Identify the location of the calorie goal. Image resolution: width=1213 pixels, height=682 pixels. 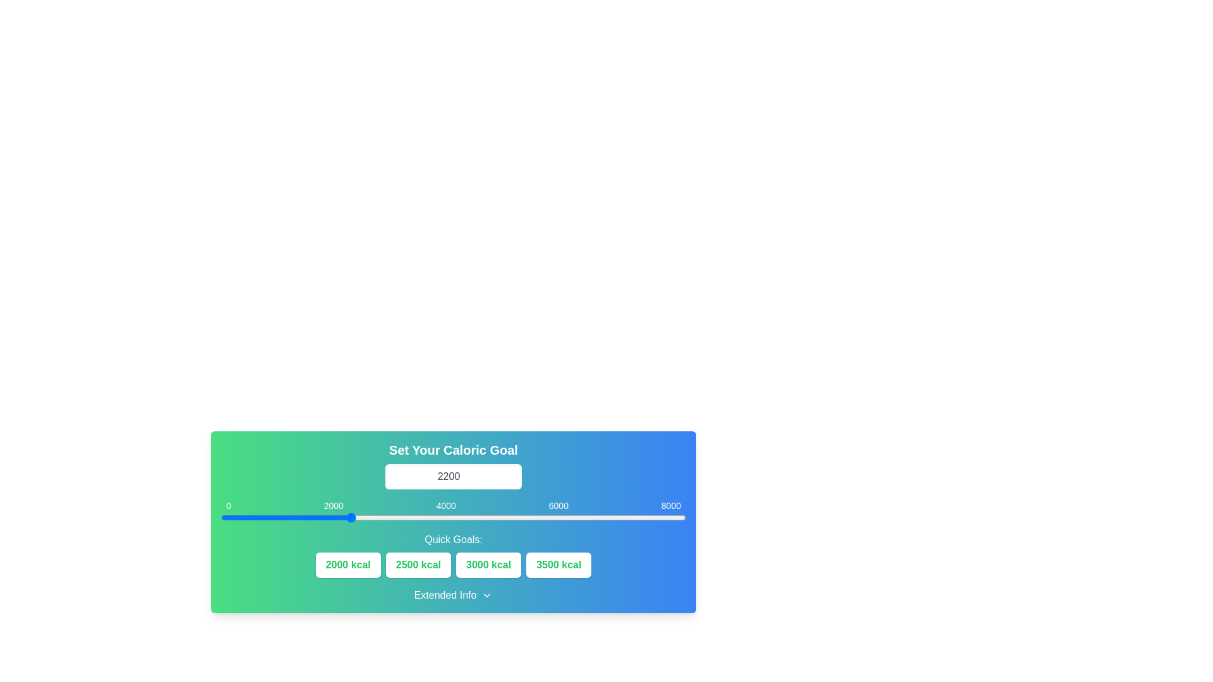
(552, 518).